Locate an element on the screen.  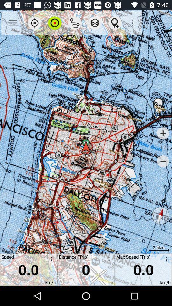
options for distance is located at coordinates (107, 260).